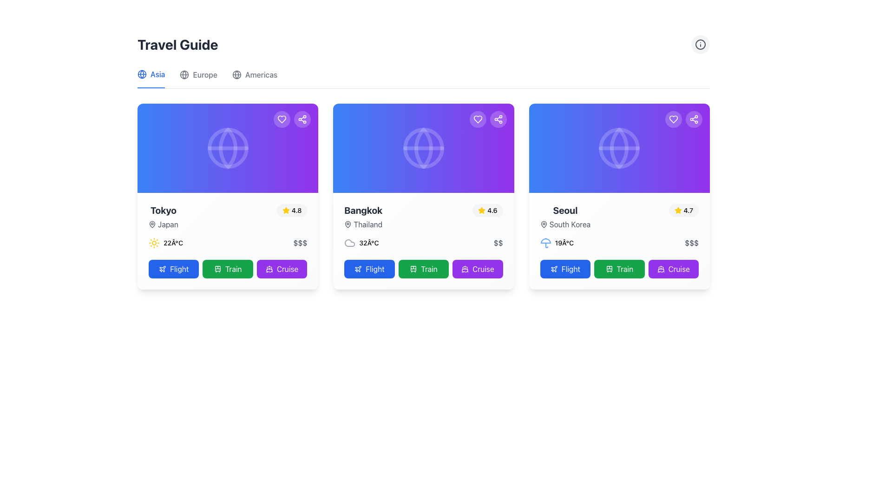 Image resolution: width=892 pixels, height=502 pixels. I want to click on the circular share button located at the top-right corner of the 'Tokyo' card, so click(302, 119).